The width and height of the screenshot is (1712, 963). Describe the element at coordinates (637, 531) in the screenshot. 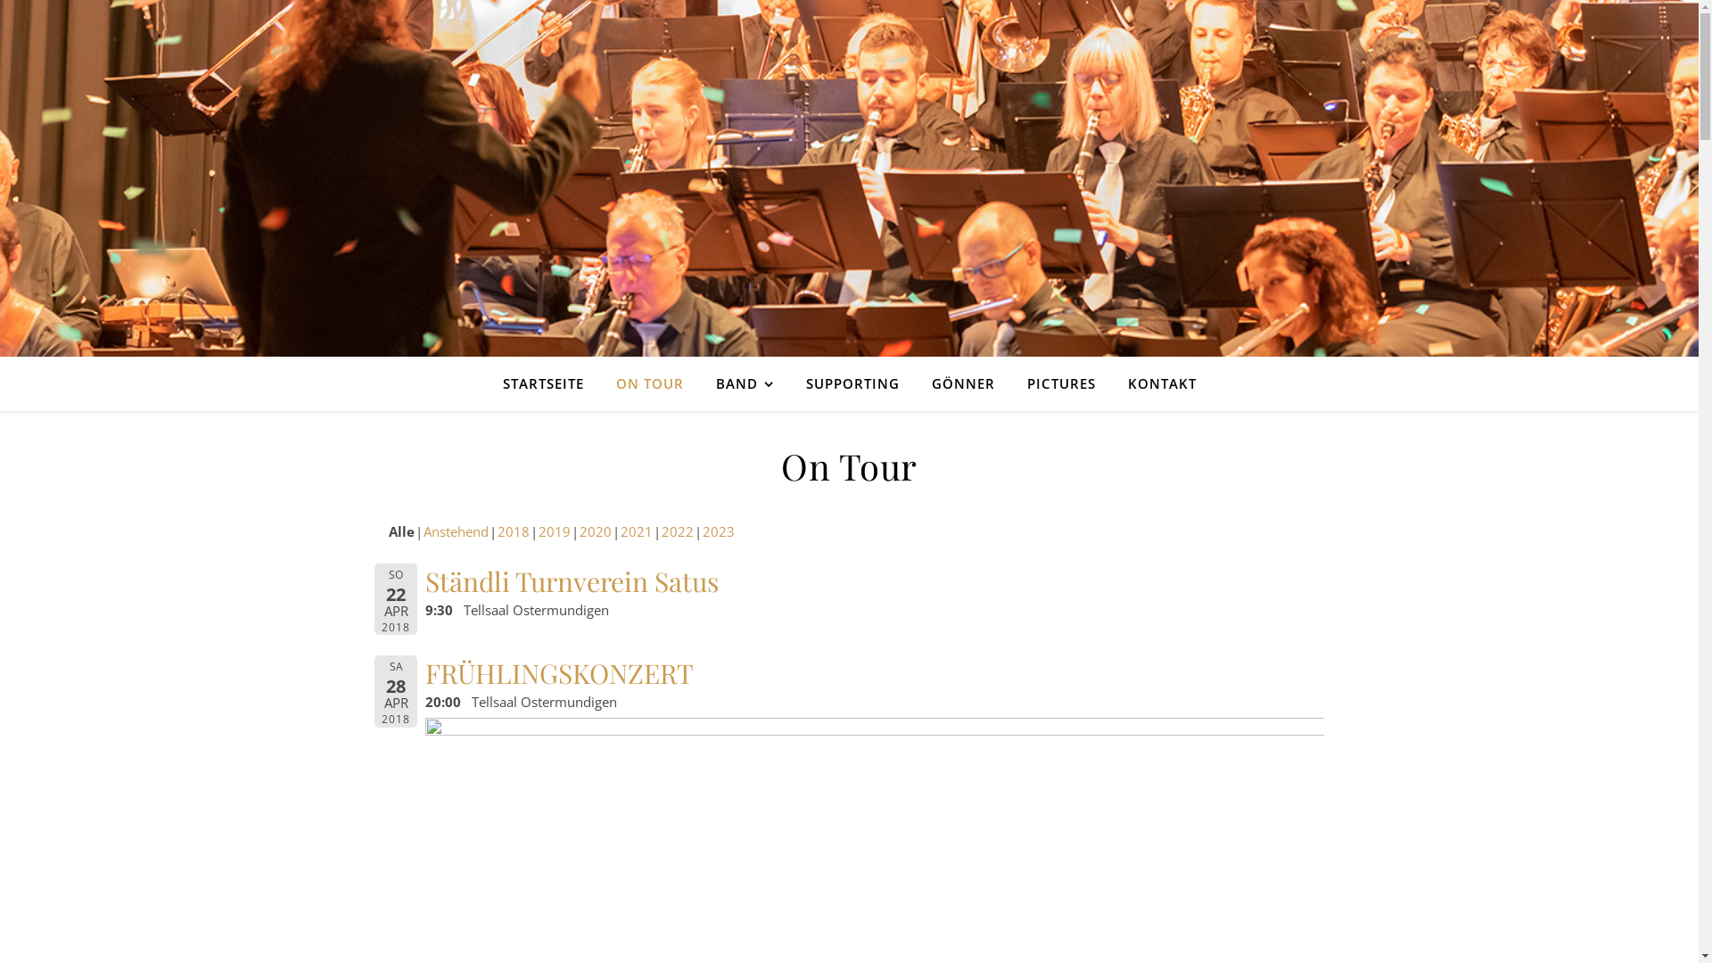

I see `'2021'` at that location.